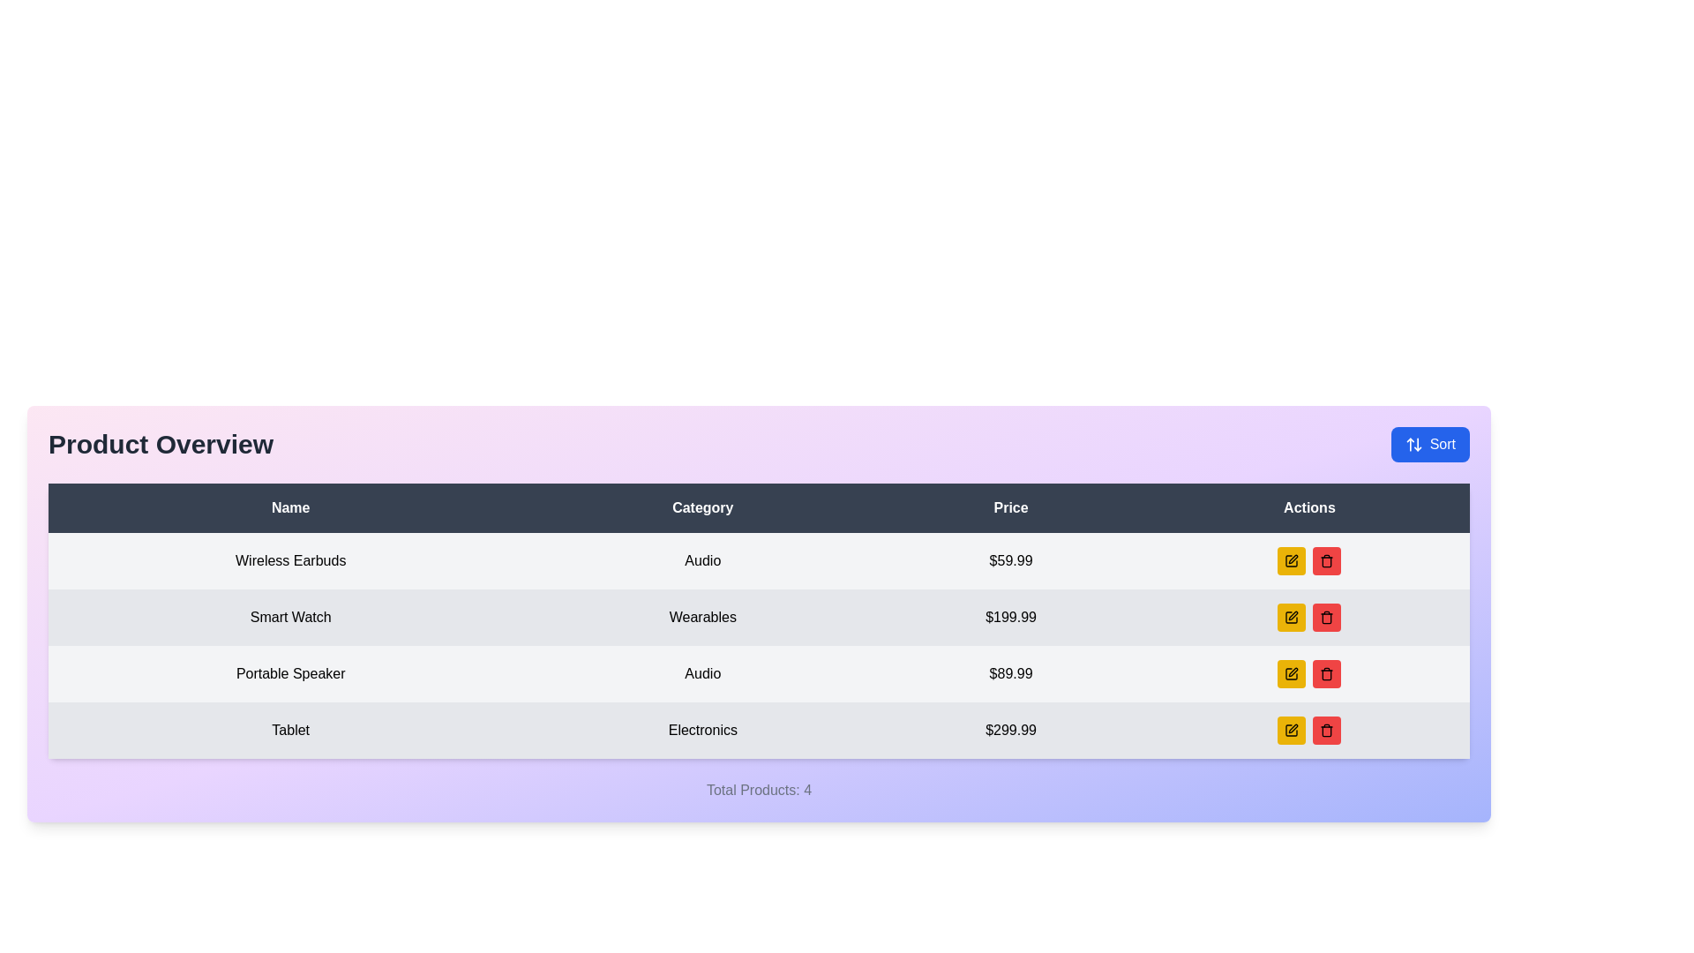 Image resolution: width=1694 pixels, height=953 pixels. Describe the element at coordinates (1293, 559) in the screenshot. I see `the edit icon button in the 'Actions' column of the table for the 'Tablet' item` at that location.